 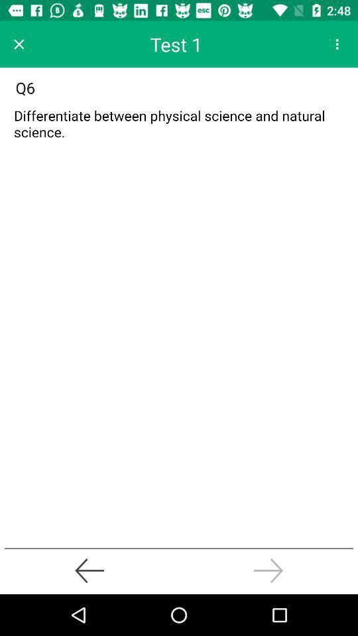 What do you see at coordinates (18, 44) in the screenshot?
I see `closes the app` at bounding box center [18, 44].